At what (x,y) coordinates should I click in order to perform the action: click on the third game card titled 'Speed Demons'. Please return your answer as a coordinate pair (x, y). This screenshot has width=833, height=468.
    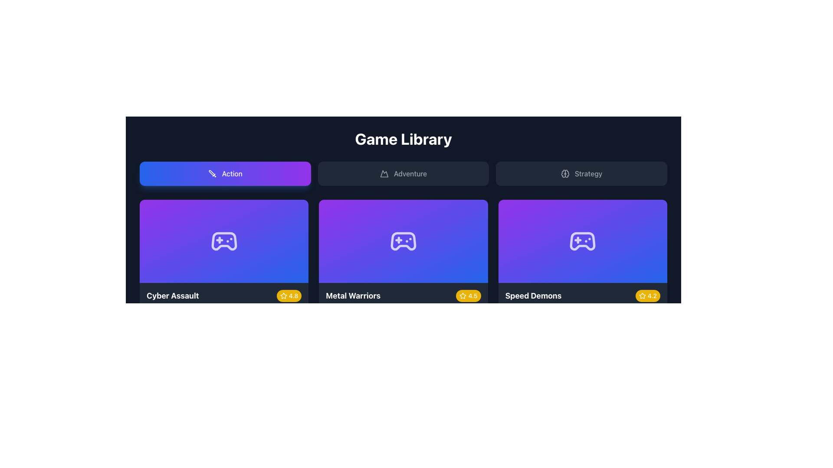
    Looking at the image, I should click on (583, 272).